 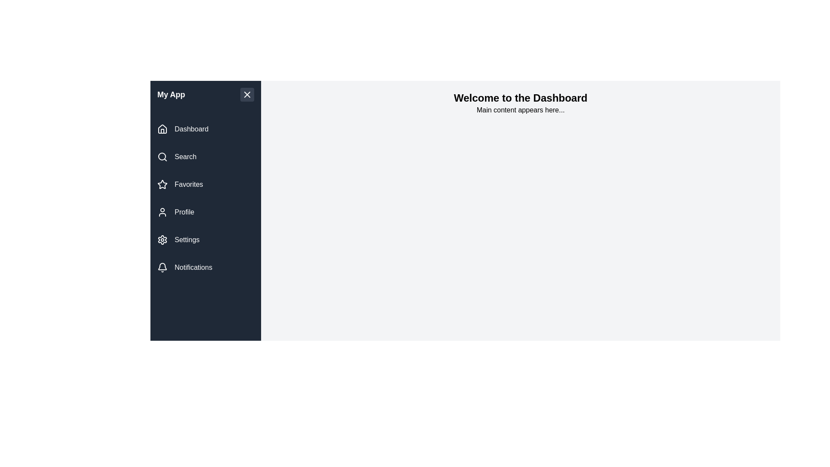 I want to click on the navigation item Dashboard from the drawer, so click(x=205, y=129).